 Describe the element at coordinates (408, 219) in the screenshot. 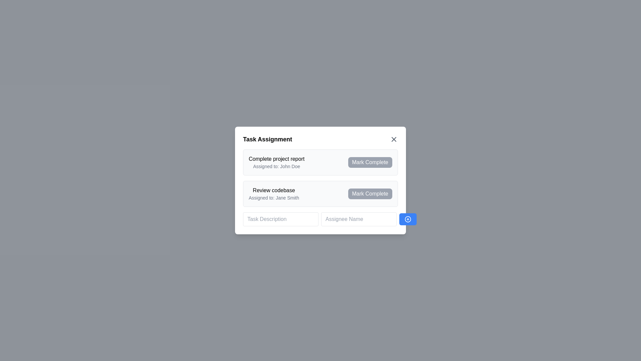

I see `the circular plus icon embedded in the button located at the bottom-right corner of the modal dialog box` at that location.